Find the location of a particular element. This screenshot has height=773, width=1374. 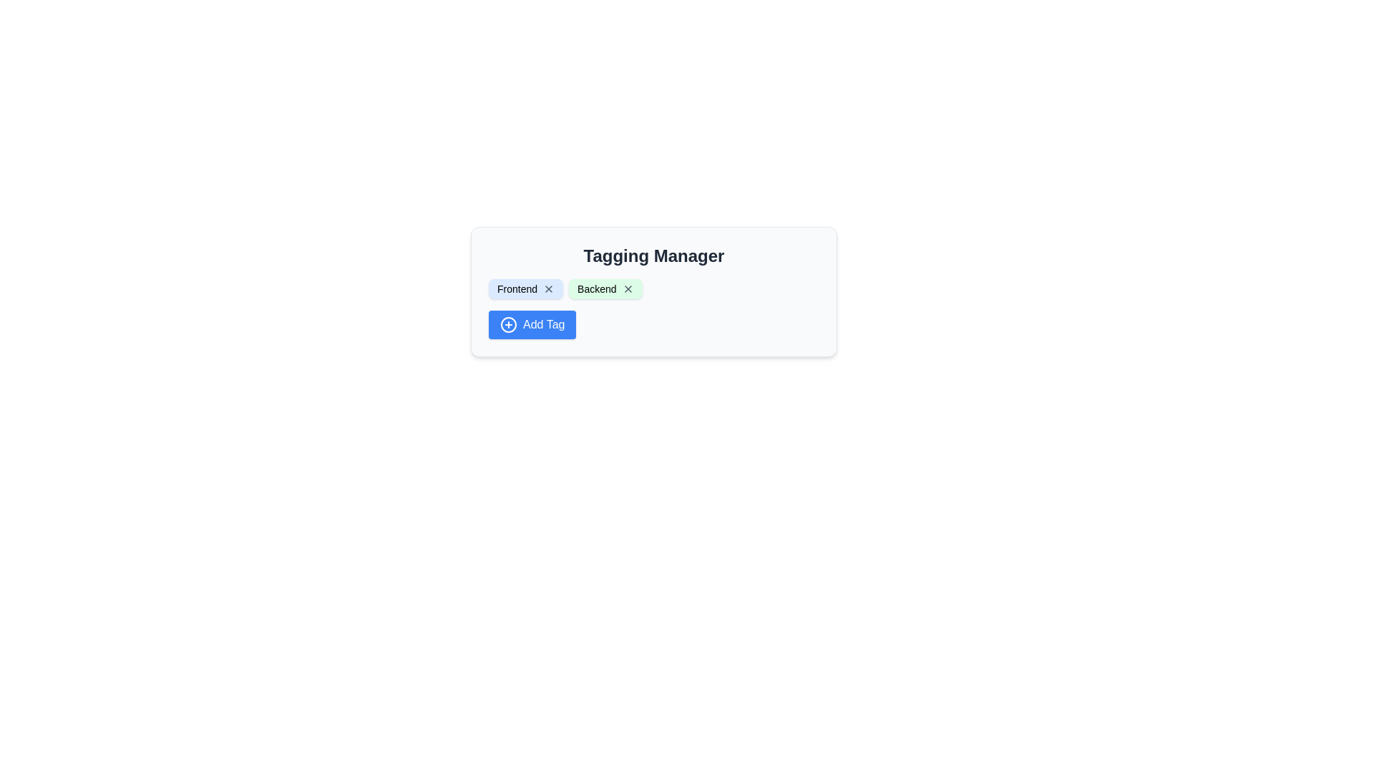

the button that allows users to remove or delete the associated tag labeled 'Backend', which is located on the right side of the 'Backend' label within a green rectangular tag is located at coordinates (628, 289).